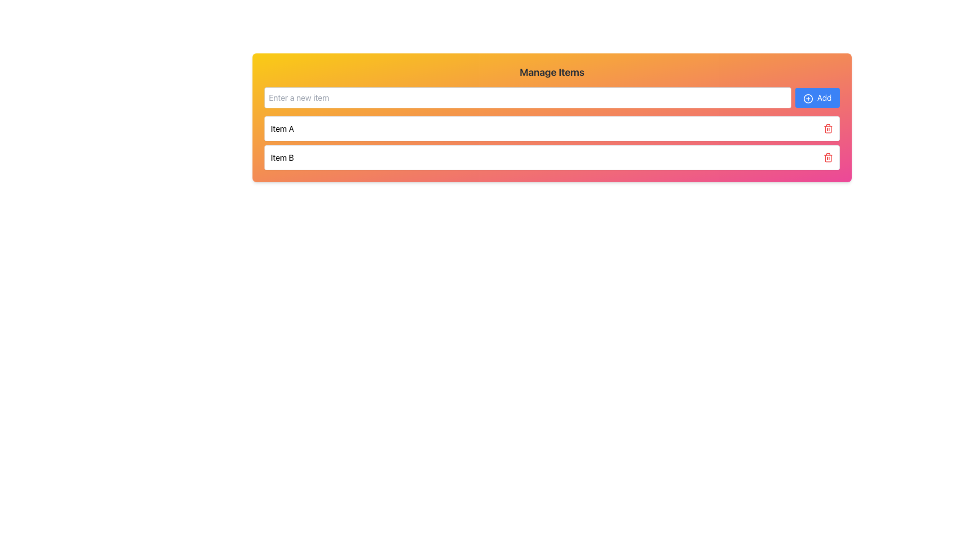 Image resolution: width=958 pixels, height=539 pixels. I want to click on the 'Add' icon located inside the blue button to the right of the text input field in the horizontal bar with gradient styling, so click(808, 98).